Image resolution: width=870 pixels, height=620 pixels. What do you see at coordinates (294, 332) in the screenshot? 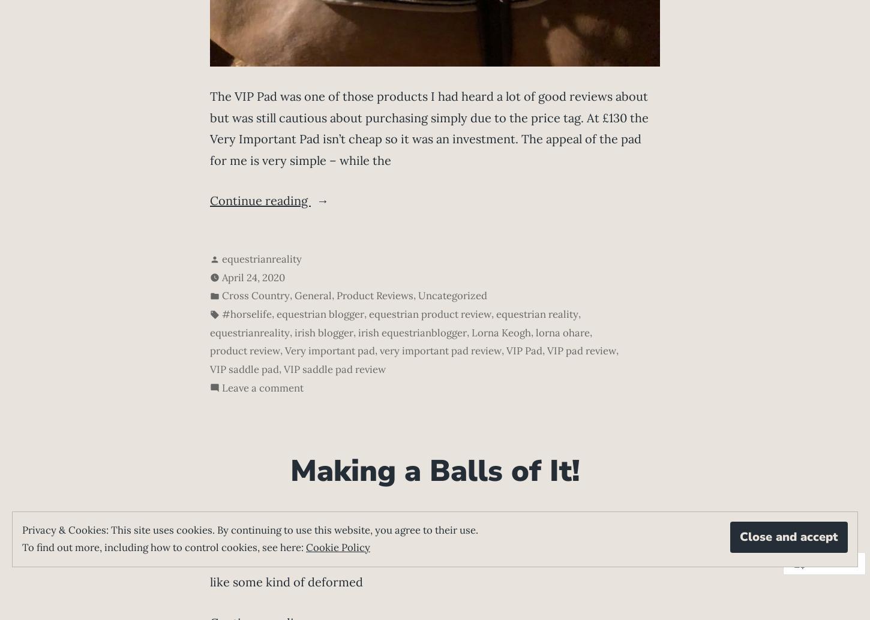
I see `'irish blogger'` at bounding box center [294, 332].